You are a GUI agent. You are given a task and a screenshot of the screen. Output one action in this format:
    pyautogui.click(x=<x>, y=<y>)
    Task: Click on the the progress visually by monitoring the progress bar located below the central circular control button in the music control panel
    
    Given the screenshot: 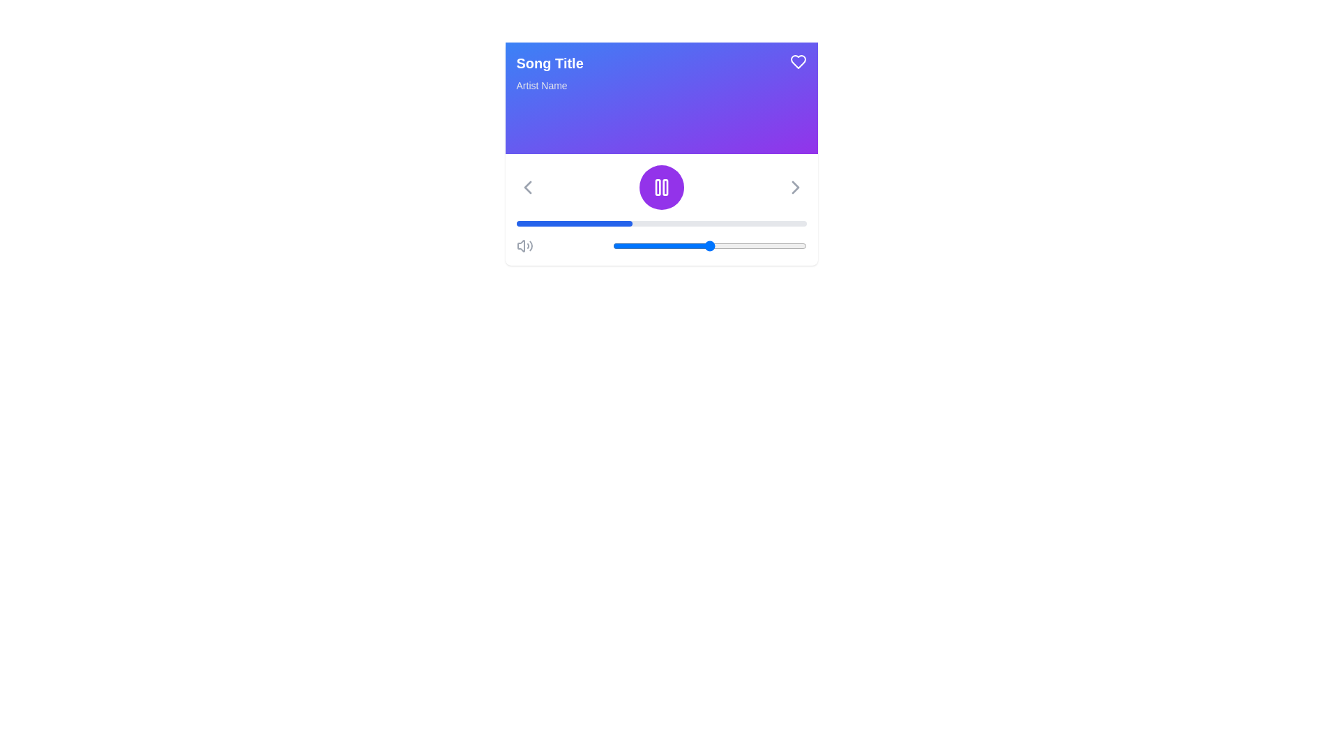 What is the action you would take?
    pyautogui.click(x=660, y=222)
    